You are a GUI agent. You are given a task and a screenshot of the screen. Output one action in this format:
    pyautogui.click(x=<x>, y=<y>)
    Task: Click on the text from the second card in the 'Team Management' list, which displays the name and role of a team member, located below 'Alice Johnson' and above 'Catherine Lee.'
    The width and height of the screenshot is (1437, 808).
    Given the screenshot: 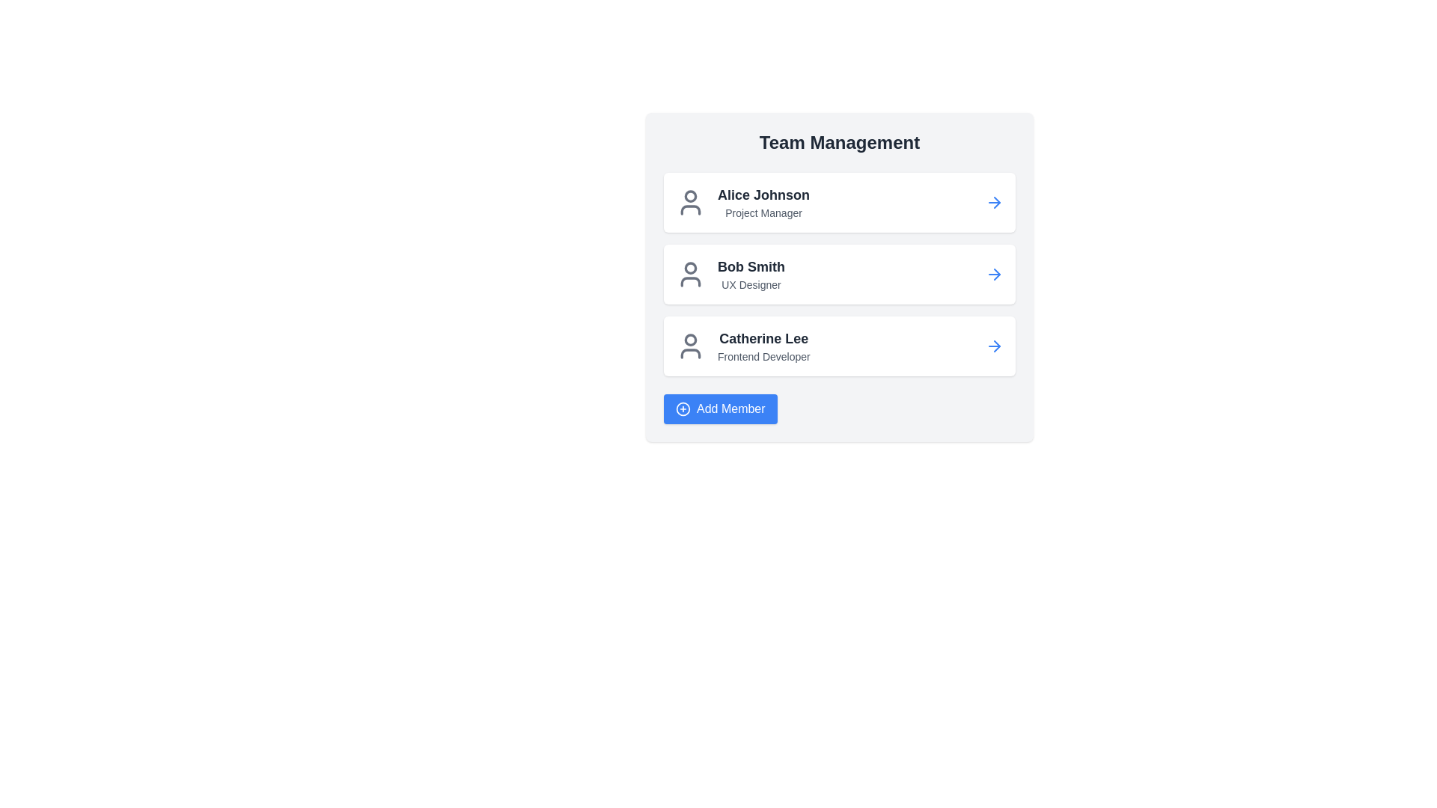 What is the action you would take?
    pyautogui.click(x=751, y=274)
    